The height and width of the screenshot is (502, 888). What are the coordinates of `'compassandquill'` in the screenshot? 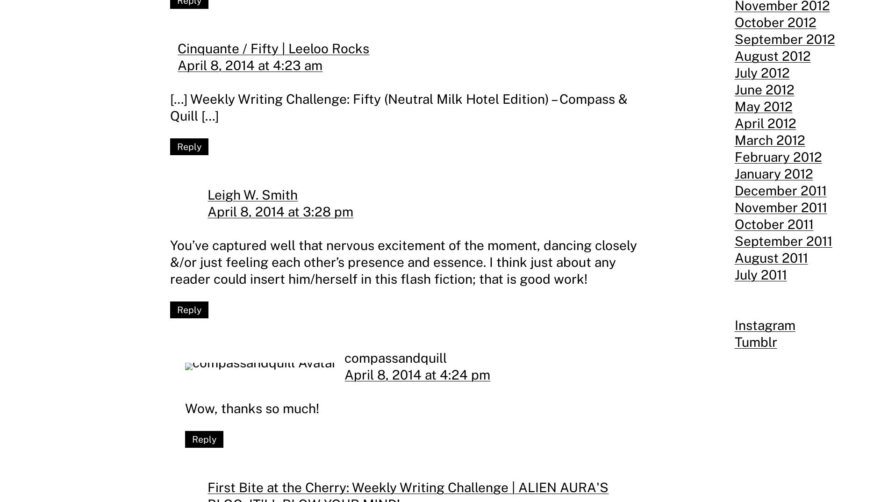 It's located at (344, 357).